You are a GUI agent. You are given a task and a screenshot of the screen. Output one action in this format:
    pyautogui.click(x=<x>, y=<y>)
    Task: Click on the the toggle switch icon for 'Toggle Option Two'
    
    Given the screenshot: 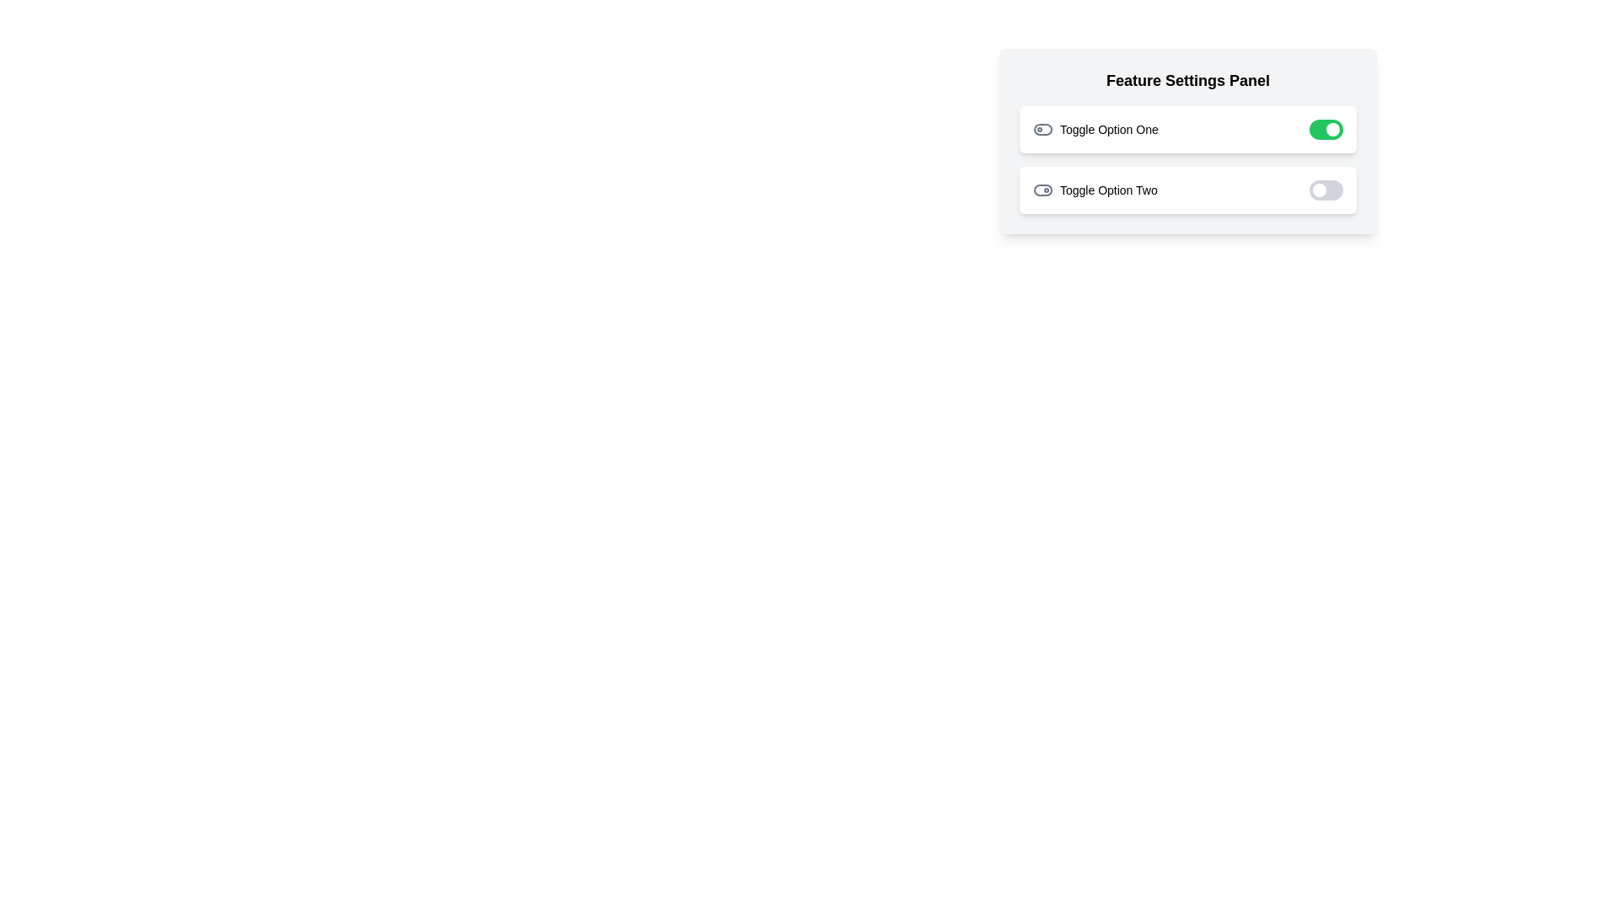 What is the action you would take?
    pyautogui.click(x=1042, y=190)
    